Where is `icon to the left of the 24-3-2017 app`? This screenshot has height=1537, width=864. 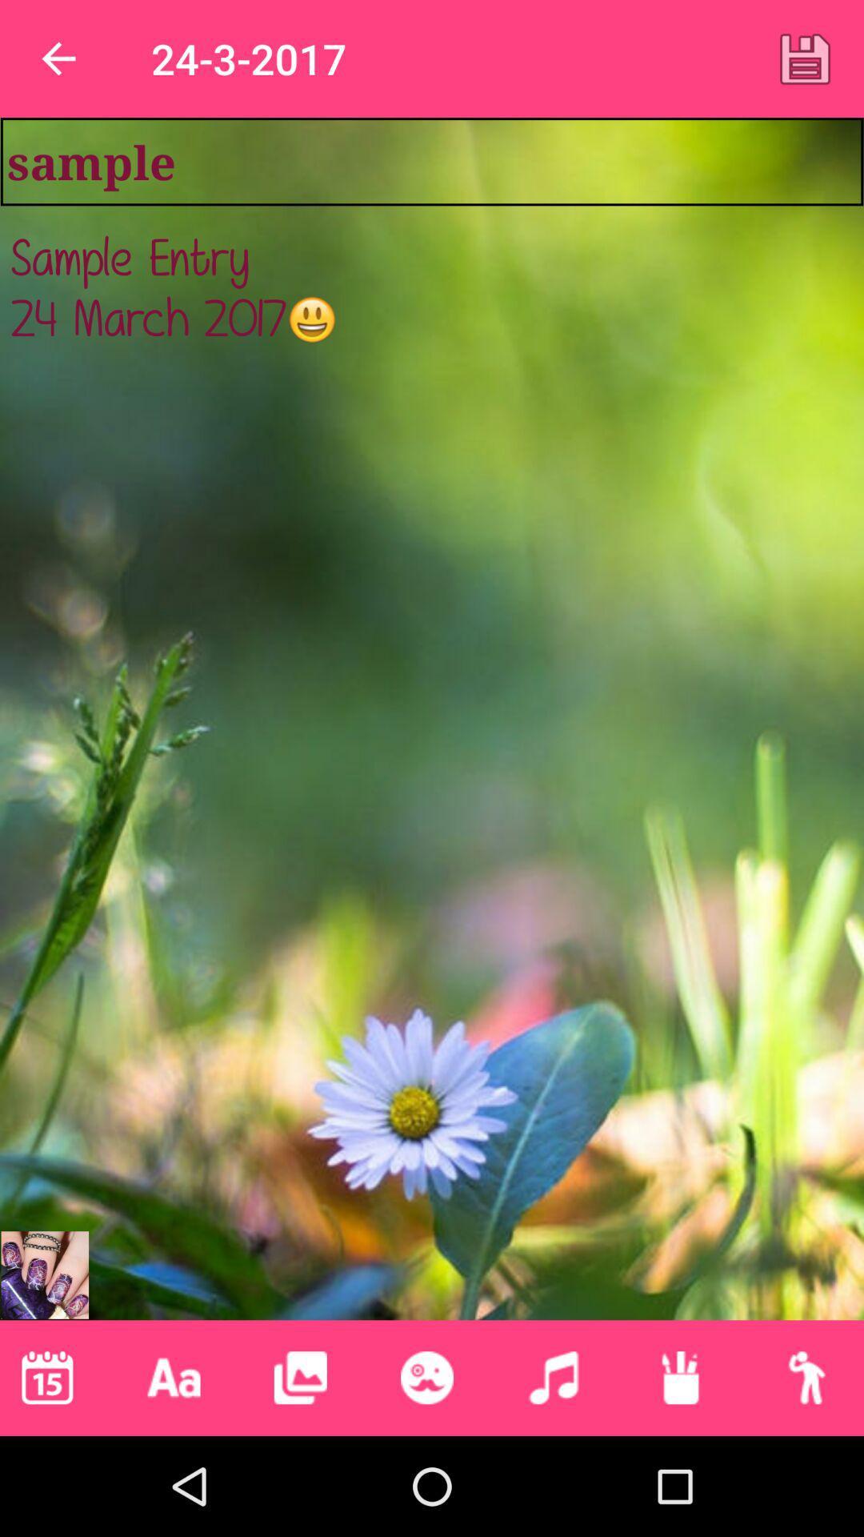
icon to the left of the 24-3-2017 app is located at coordinates (58, 58).